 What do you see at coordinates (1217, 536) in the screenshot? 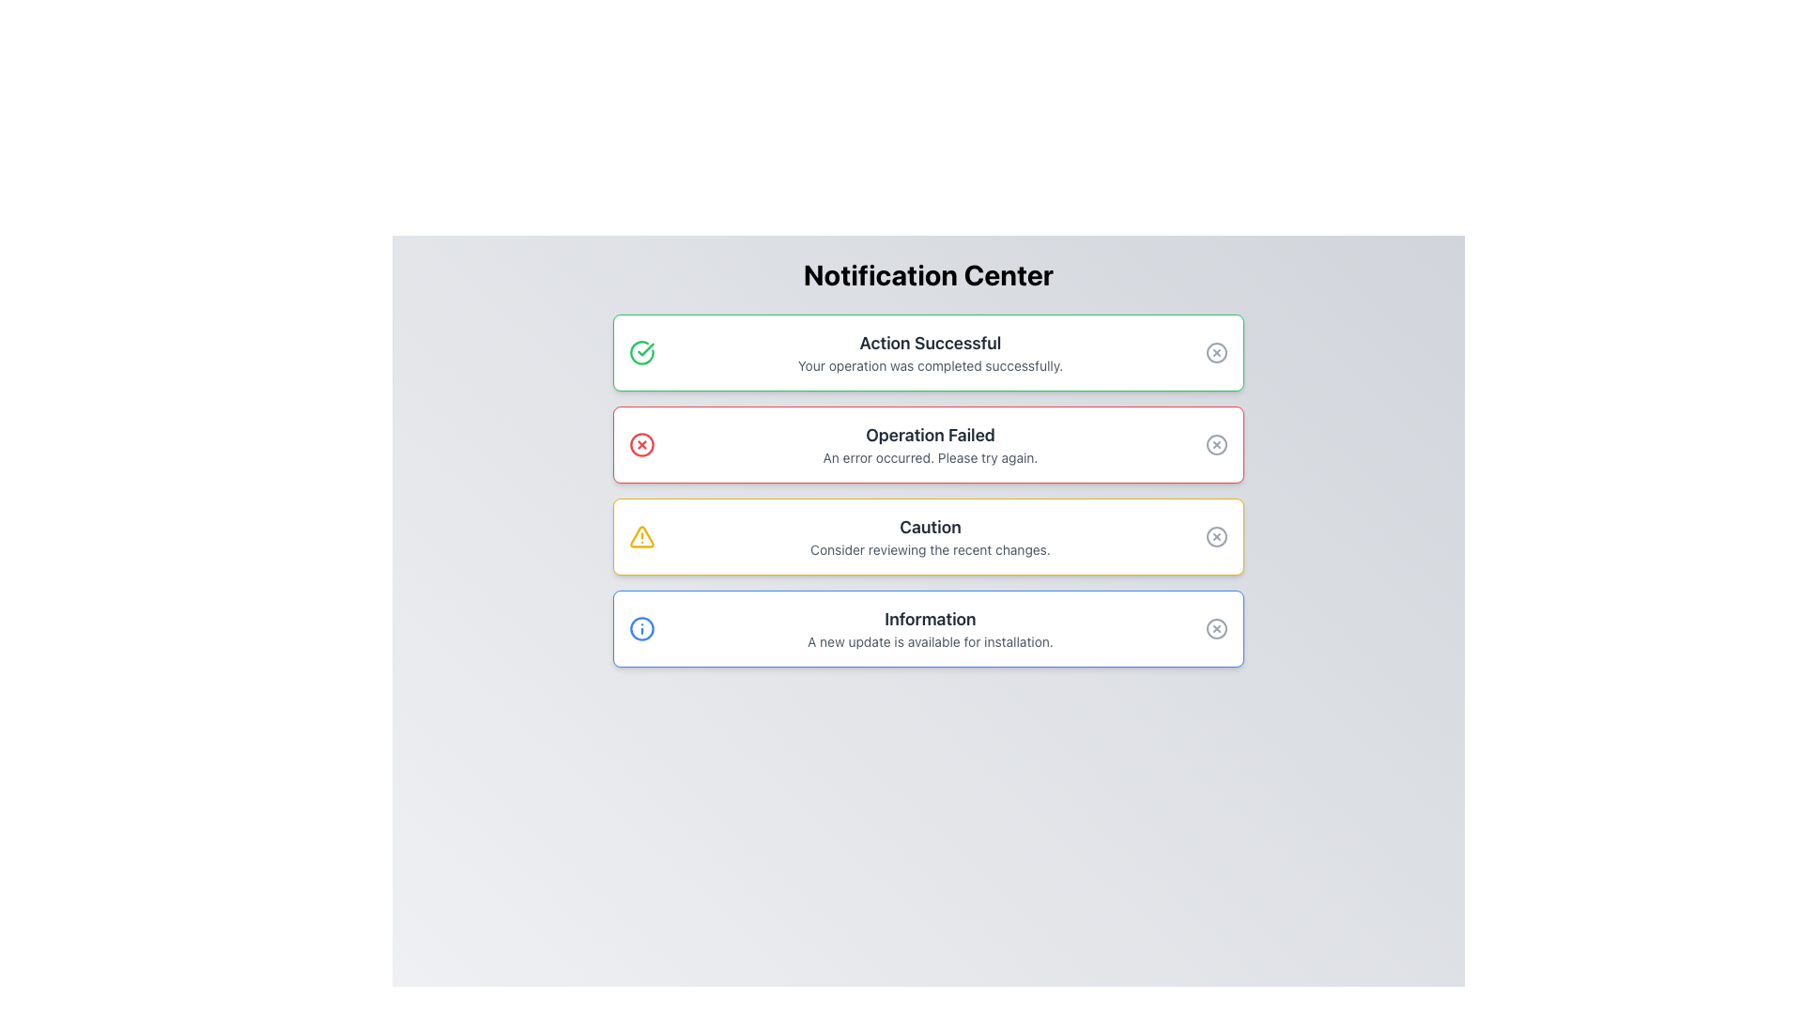
I see `the circular graphical element that resembles a close button in the third notification card labeled 'Caution'` at bounding box center [1217, 536].